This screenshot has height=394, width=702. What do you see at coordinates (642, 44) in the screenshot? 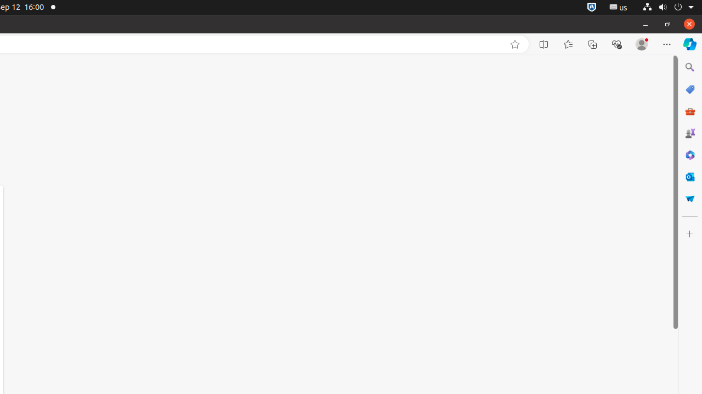
I see `'Profile 1 Profile, Please sign in'` at bounding box center [642, 44].